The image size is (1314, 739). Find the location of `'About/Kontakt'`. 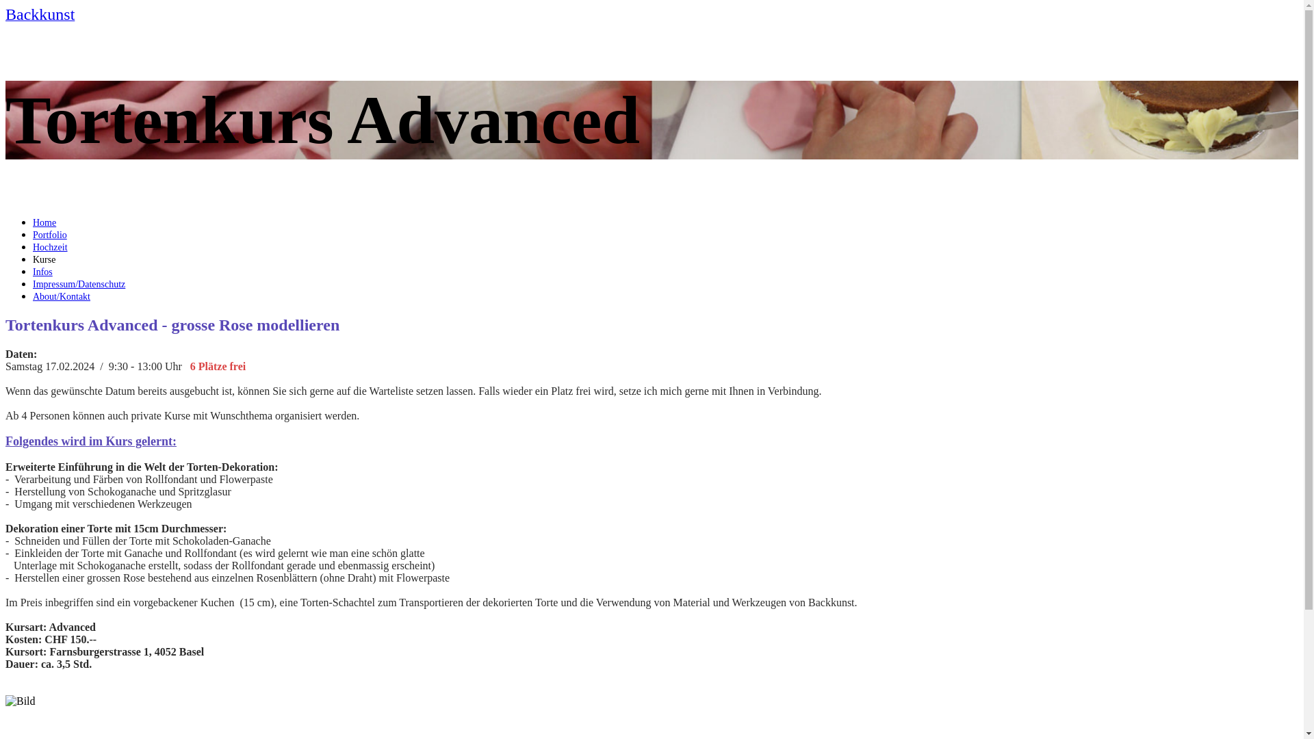

'About/Kontakt' is located at coordinates (61, 296).